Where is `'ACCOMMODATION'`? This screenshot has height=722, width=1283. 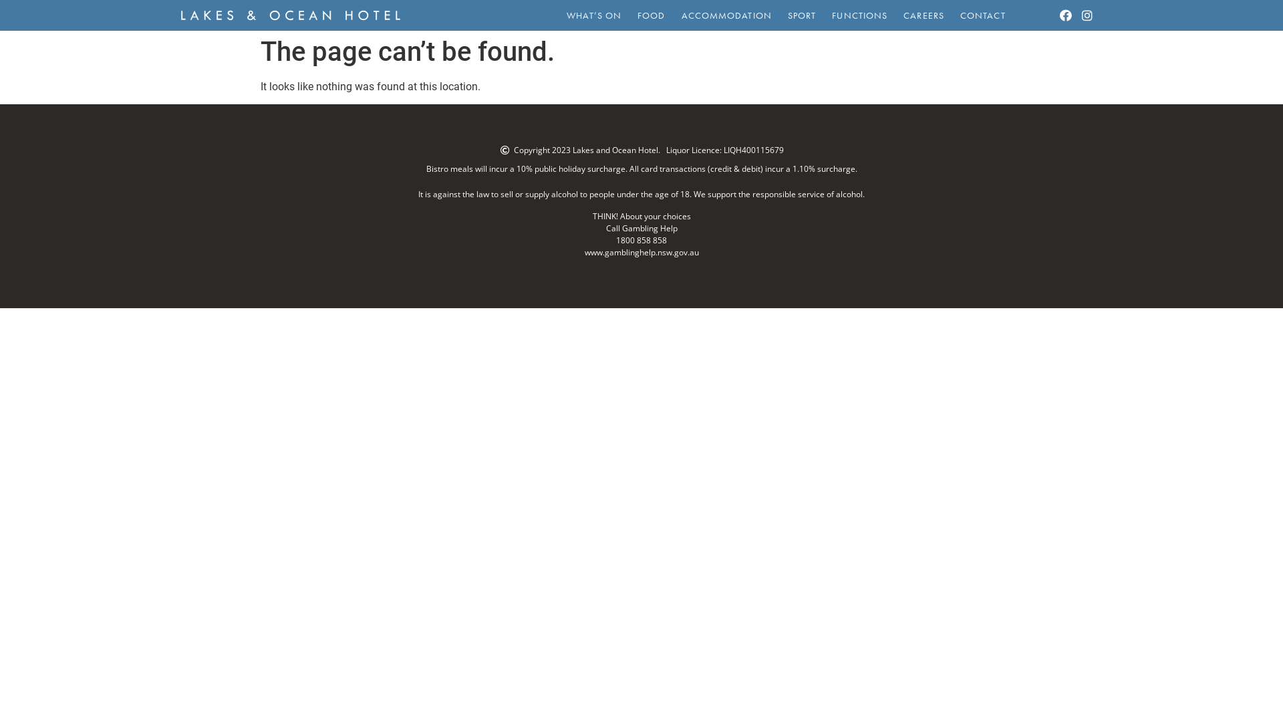
'ACCOMMODATION' is located at coordinates (674, 15).